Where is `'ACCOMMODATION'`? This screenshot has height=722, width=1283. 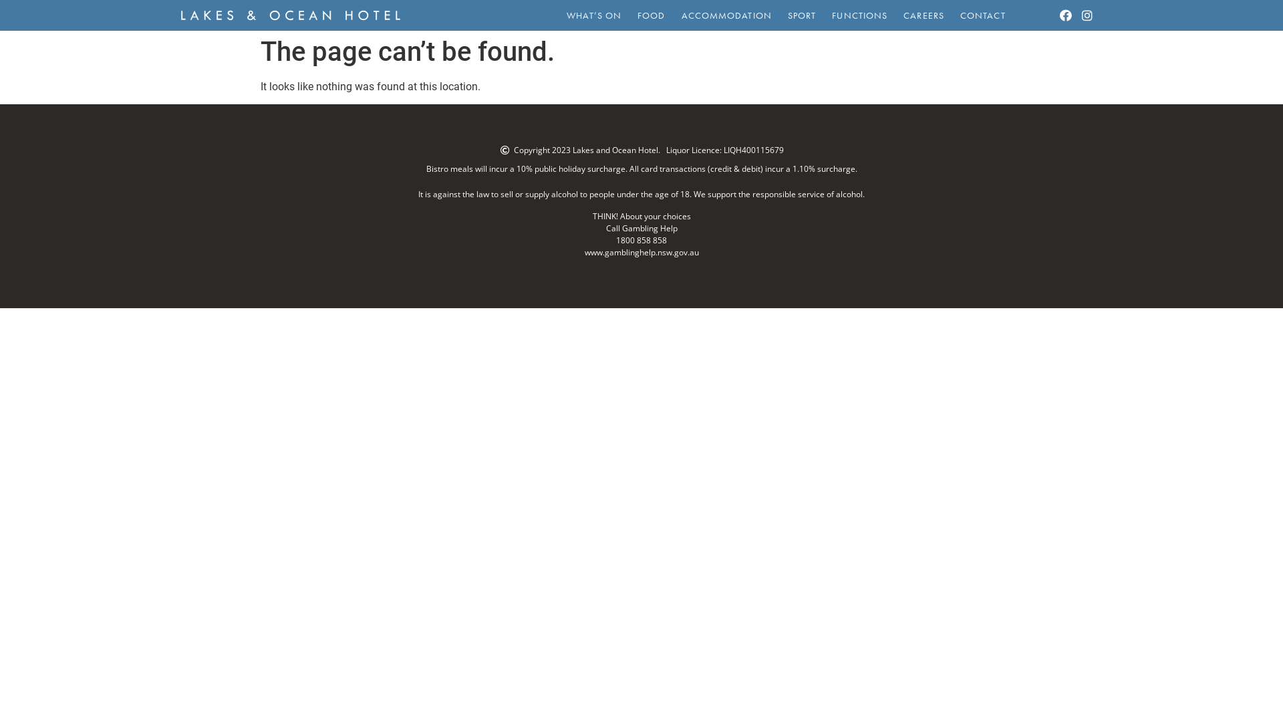
'ACCOMMODATION' is located at coordinates (674, 15).